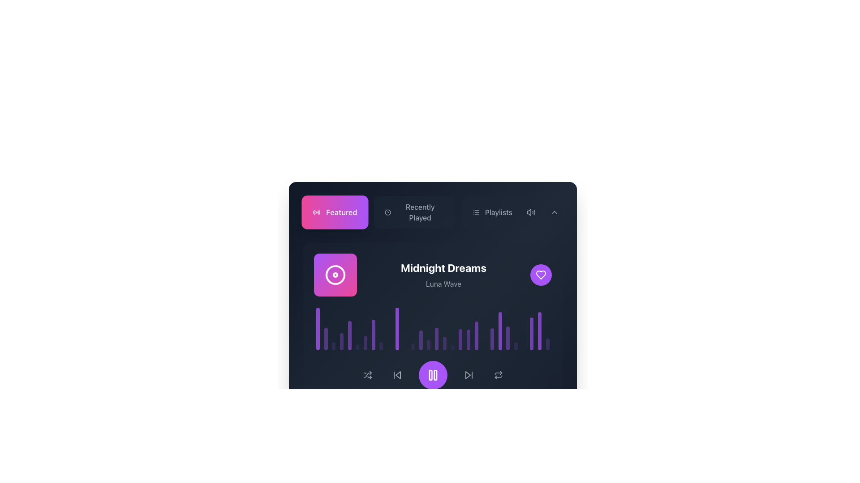  What do you see at coordinates (531, 212) in the screenshot?
I see `the circular button with a speaker icon` at bounding box center [531, 212].